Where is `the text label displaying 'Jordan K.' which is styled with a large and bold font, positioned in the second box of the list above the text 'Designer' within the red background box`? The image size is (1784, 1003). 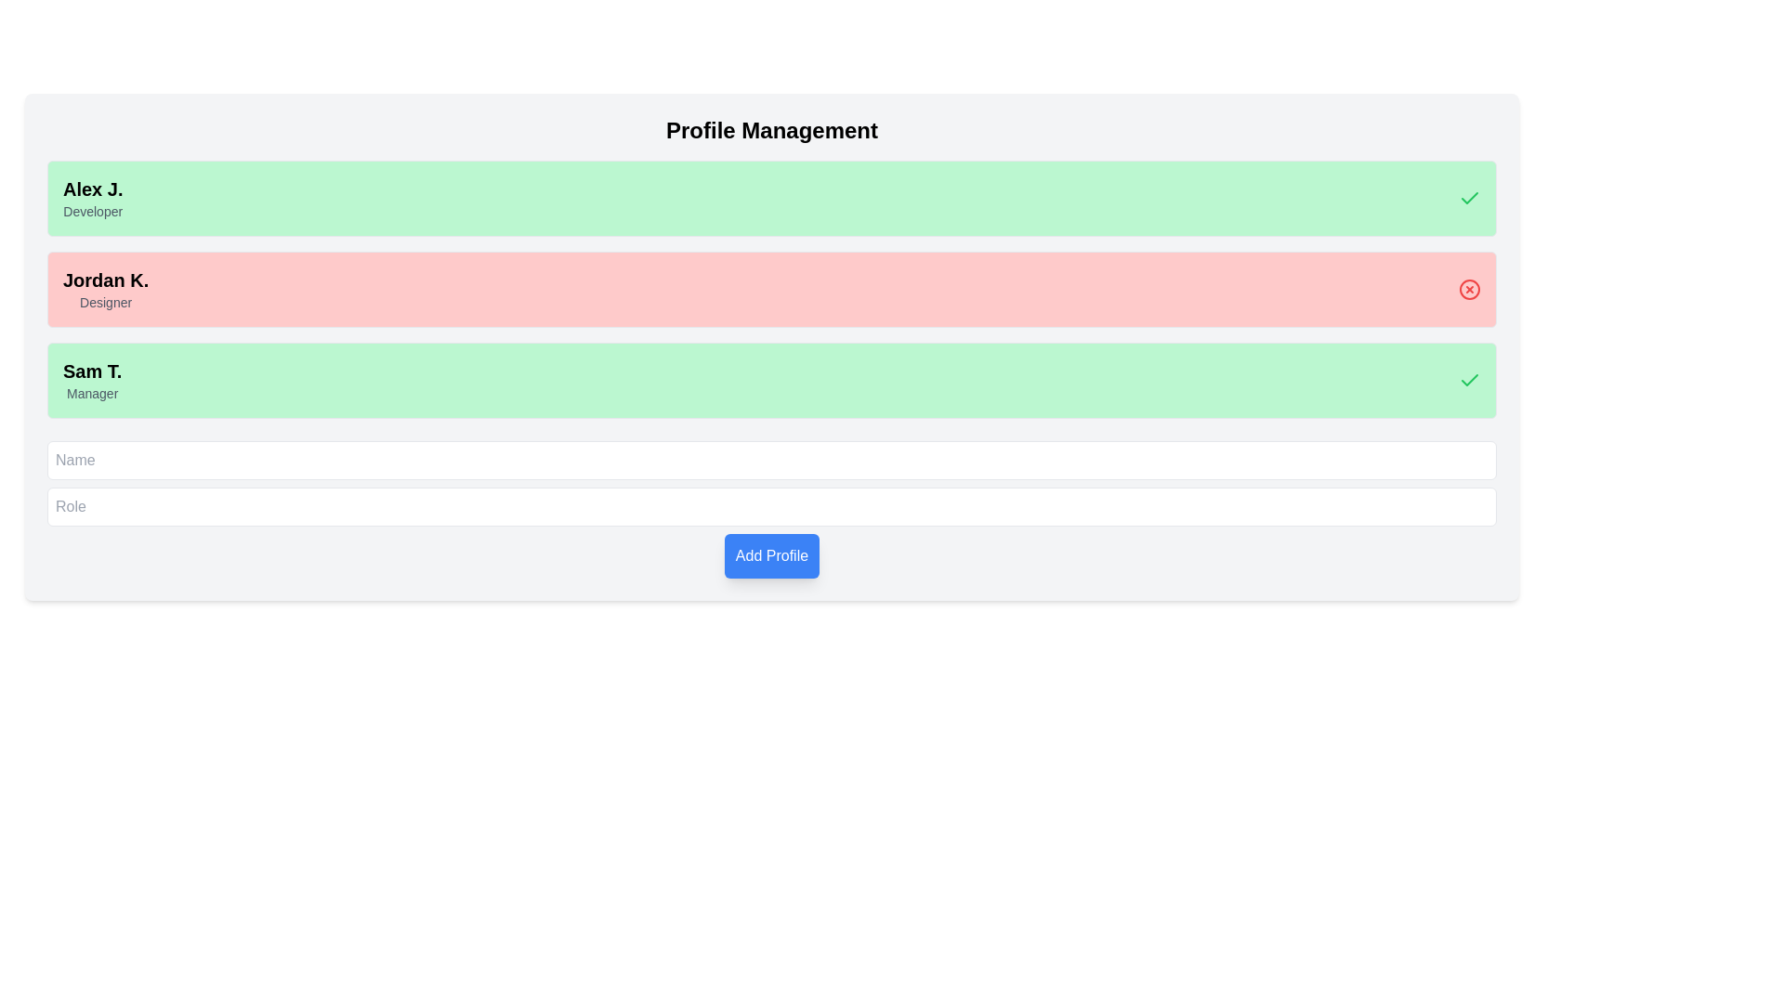
the text label displaying 'Jordan K.' which is styled with a large and bold font, positioned in the second box of the list above the text 'Designer' within the red background box is located at coordinates (105, 280).